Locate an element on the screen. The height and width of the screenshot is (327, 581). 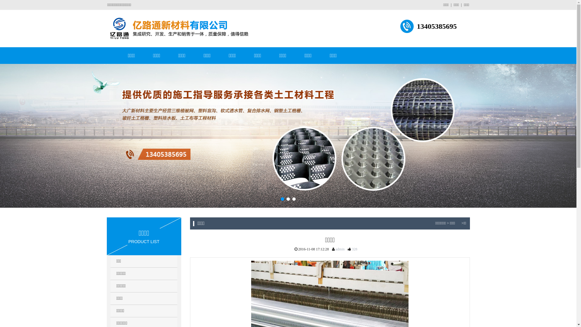
'admin' is located at coordinates (334, 249).